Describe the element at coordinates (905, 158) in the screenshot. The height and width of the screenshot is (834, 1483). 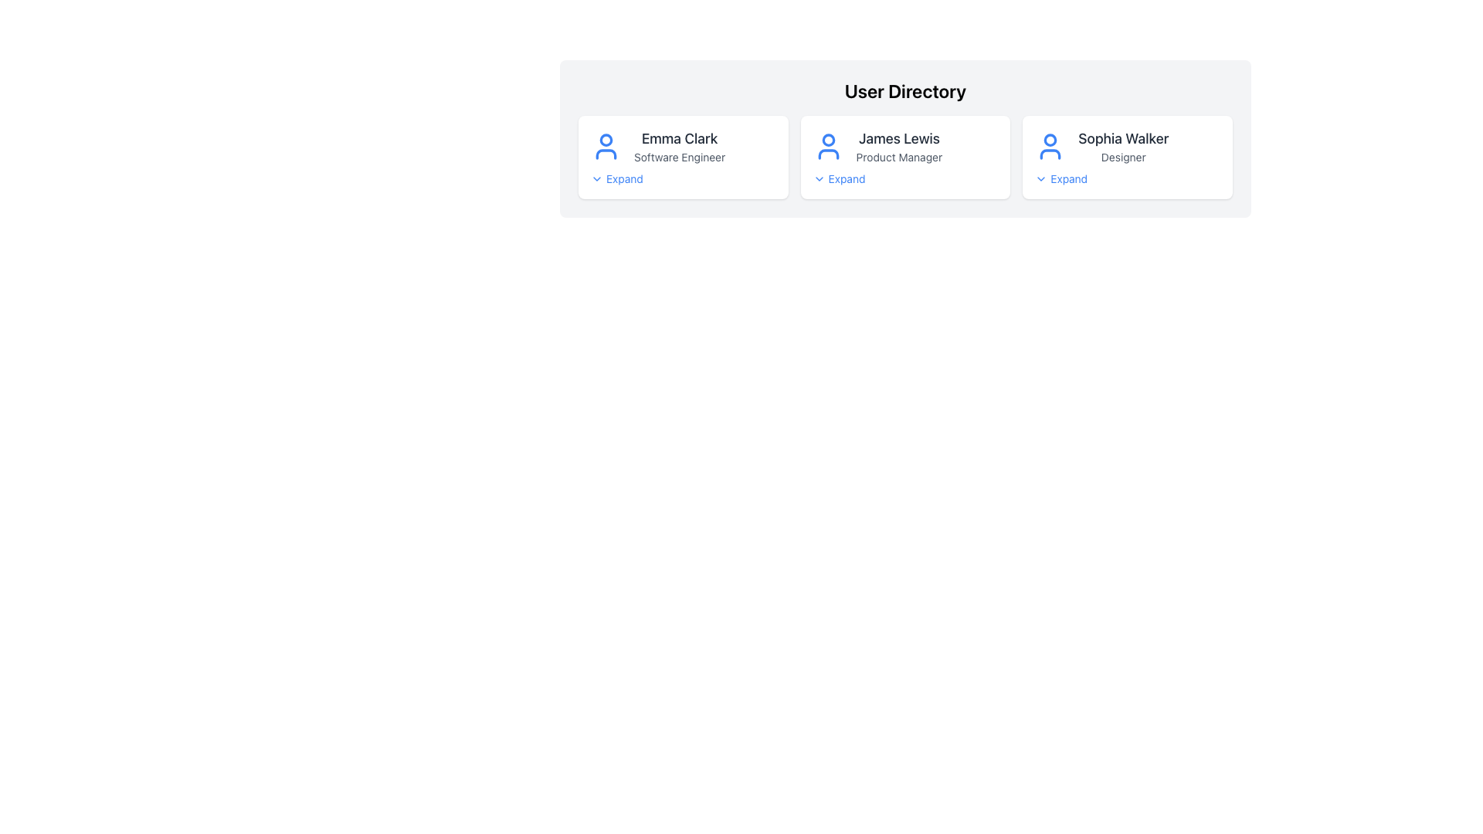
I see `the user profile card located in the middle of the horizontal grid of three cards within the 'User Directory'` at that location.